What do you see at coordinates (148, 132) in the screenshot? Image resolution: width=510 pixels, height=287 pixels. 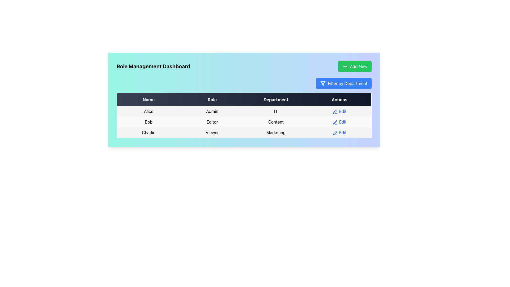 I see `text displayed in the Text Label identifying the user 'Charlie', located in the leftmost column of the third data row in the Role Management Dashboard` at bounding box center [148, 132].